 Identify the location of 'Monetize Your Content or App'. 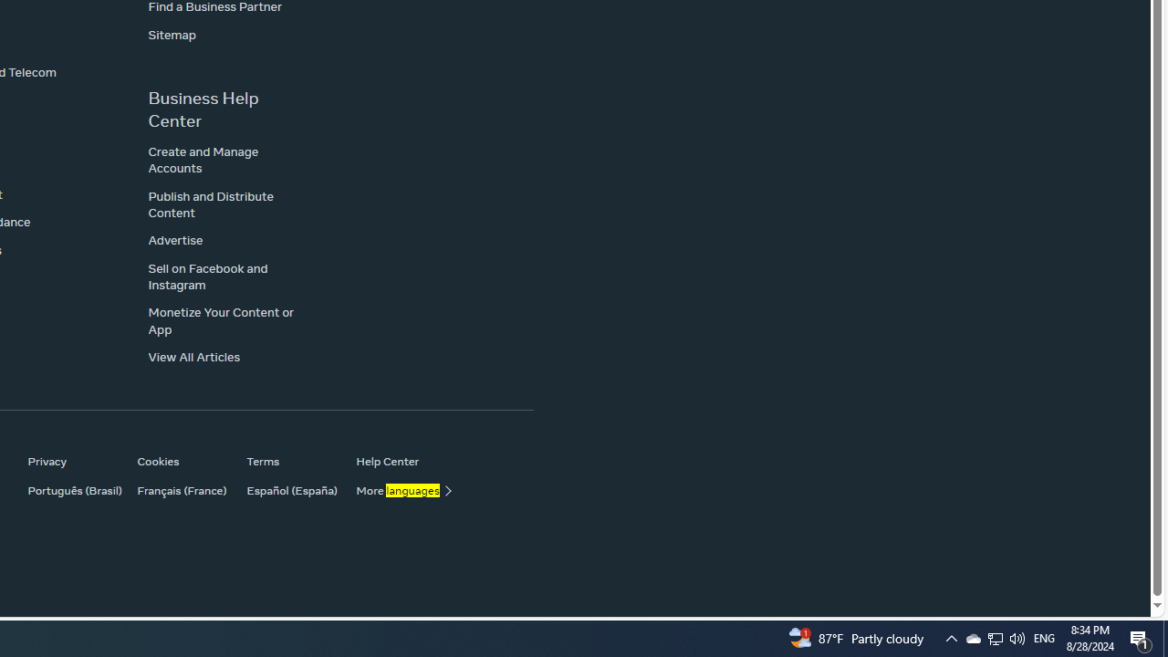
(220, 319).